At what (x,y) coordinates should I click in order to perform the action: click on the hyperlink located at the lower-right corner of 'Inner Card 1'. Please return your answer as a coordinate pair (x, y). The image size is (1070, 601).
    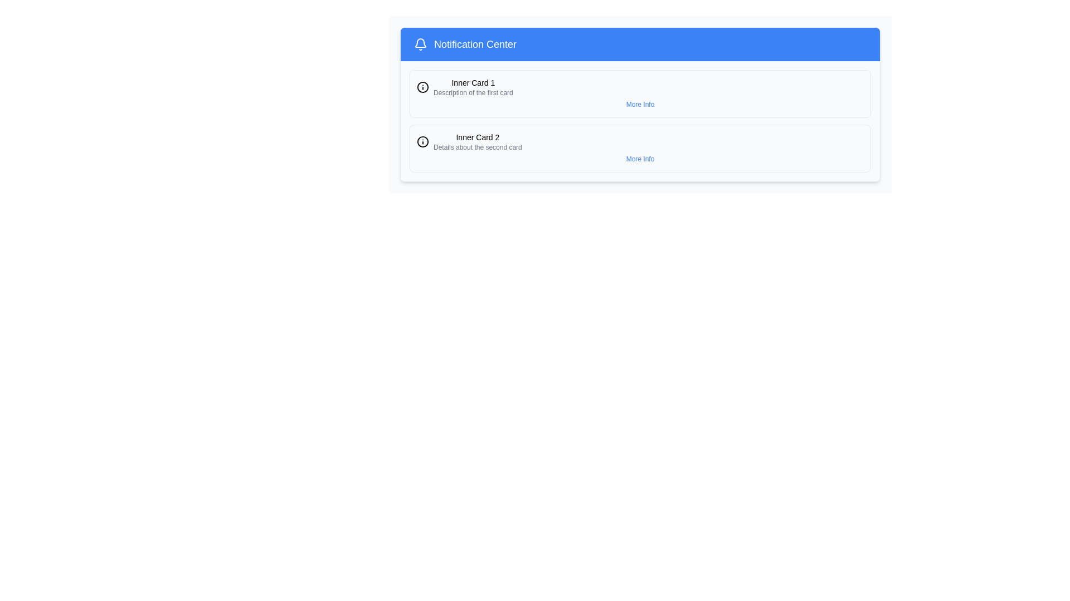
    Looking at the image, I should click on (640, 105).